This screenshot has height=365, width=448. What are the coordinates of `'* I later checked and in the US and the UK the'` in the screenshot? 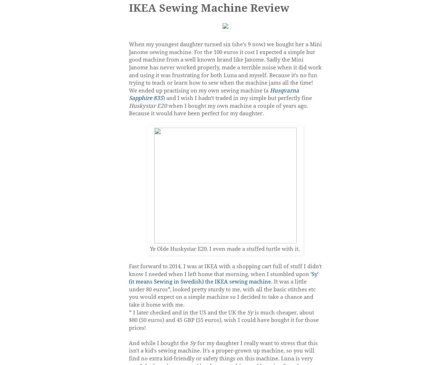 It's located at (187, 312).